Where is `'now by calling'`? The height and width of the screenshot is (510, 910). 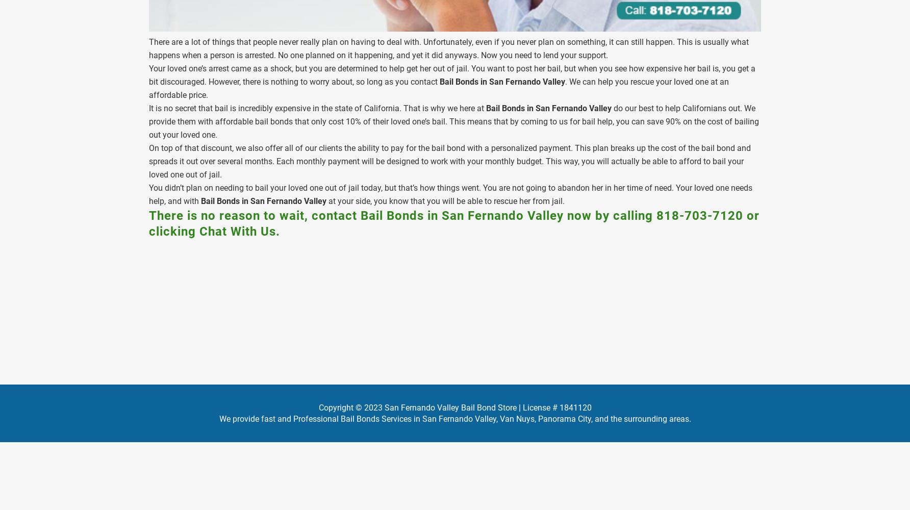 'now by calling' is located at coordinates (563, 215).